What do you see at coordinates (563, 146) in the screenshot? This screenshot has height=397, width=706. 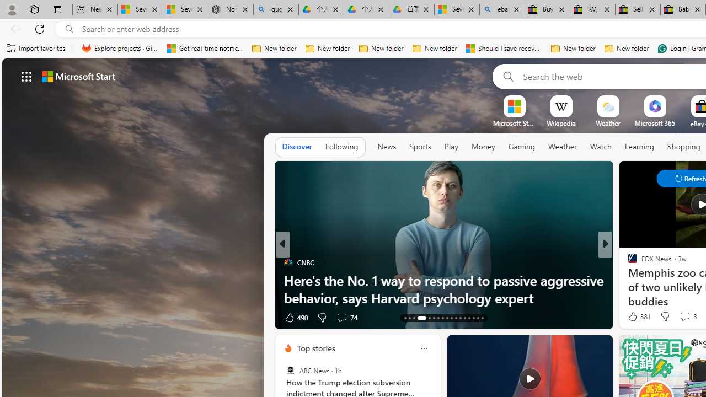 I see `'Weather'` at bounding box center [563, 146].